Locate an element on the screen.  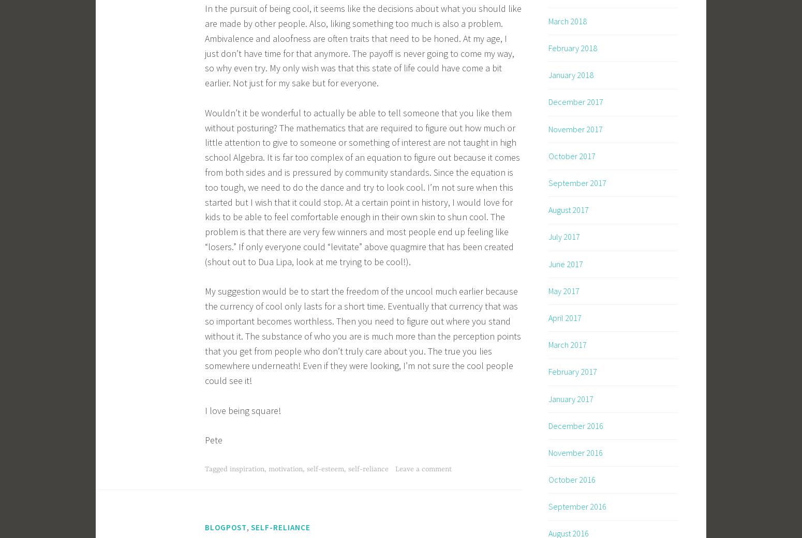
'January 2018' is located at coordinates (570, 75).